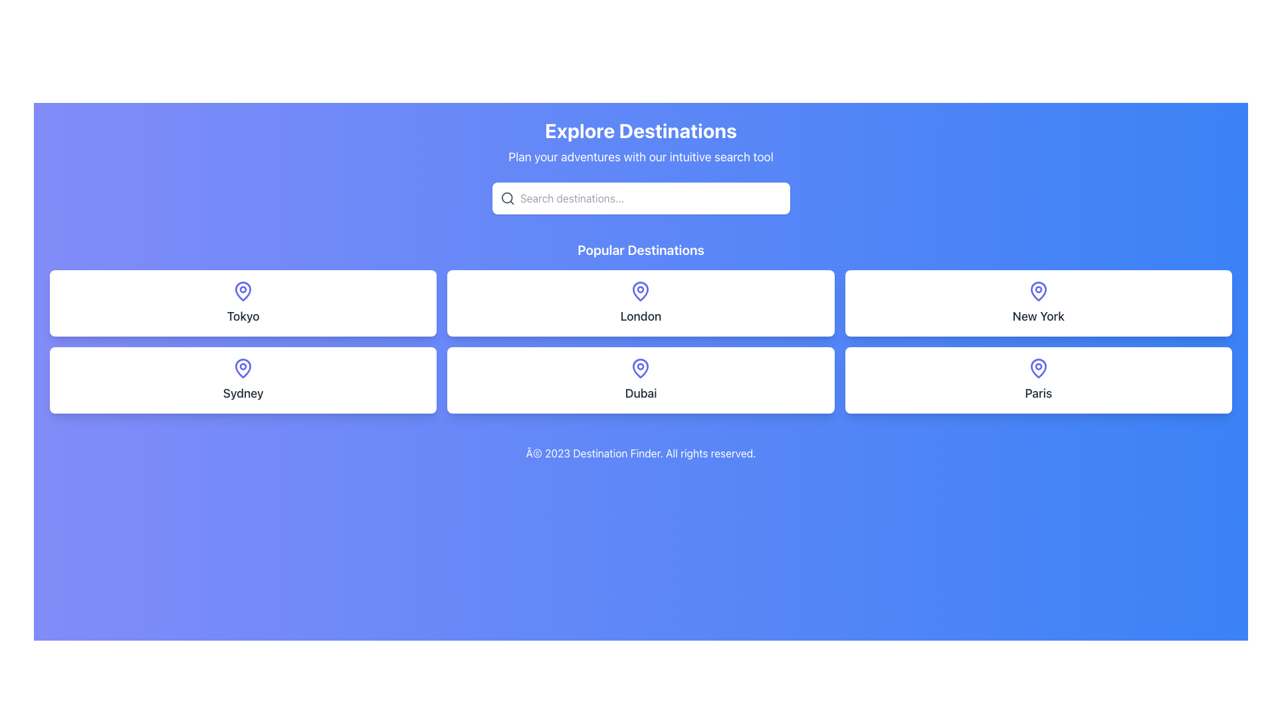  I want to click on the New York card in the first row and third column of the grid, so click(1037, 303).